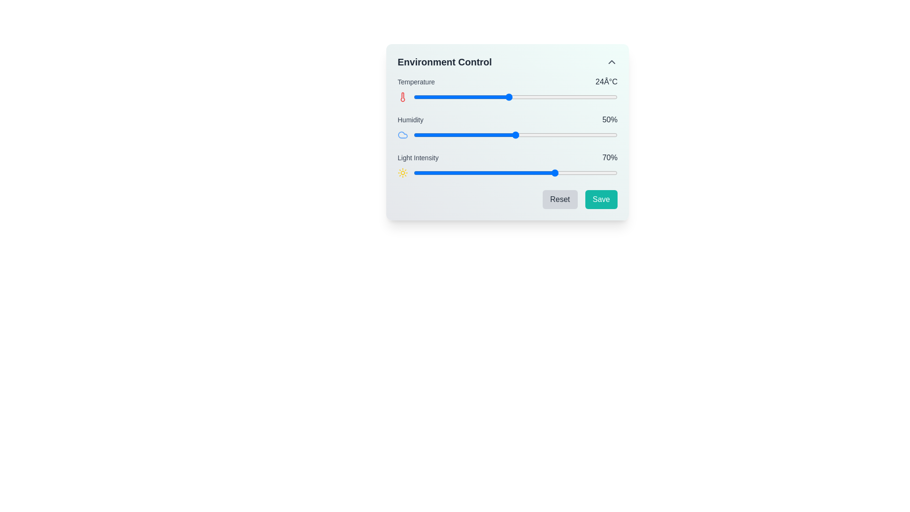 The width and height of the screenshot is (910, 512). I want to click on the humidity level, so click(414, 135).